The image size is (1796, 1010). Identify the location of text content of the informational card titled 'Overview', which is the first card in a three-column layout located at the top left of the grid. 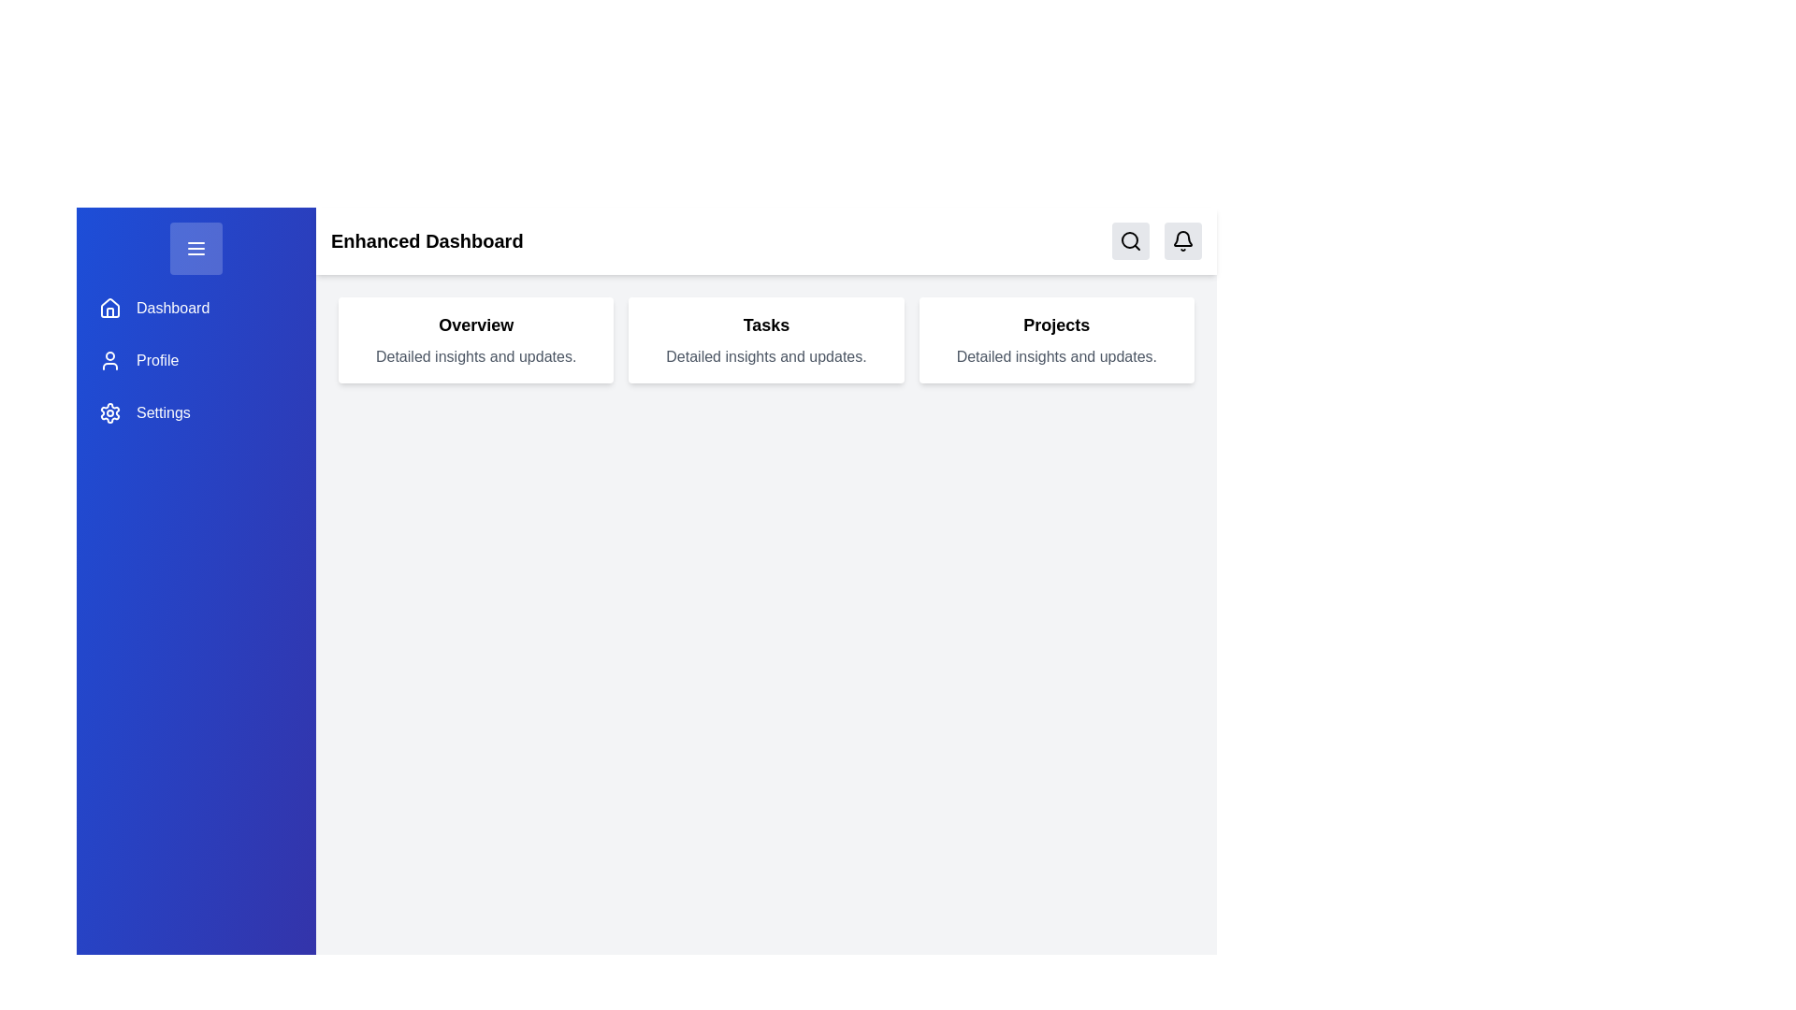
(476, 339).